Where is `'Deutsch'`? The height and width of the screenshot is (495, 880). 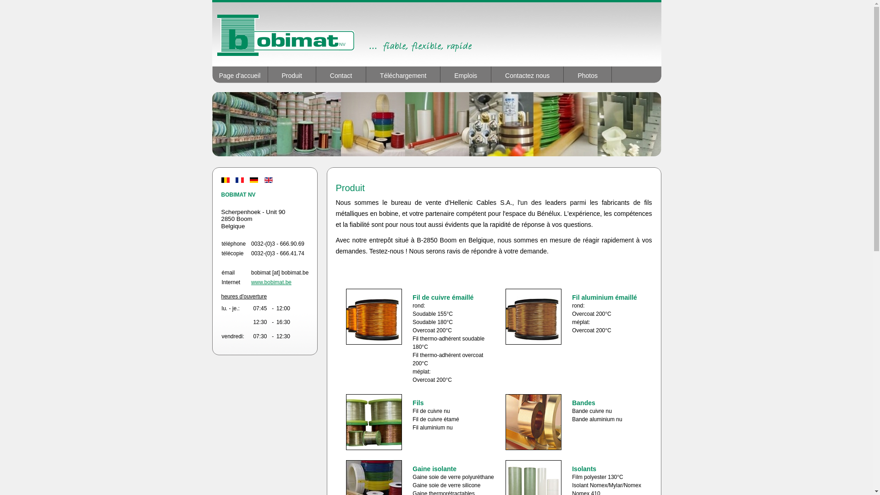 'Deutsch' is located at coordinates (250, 180).